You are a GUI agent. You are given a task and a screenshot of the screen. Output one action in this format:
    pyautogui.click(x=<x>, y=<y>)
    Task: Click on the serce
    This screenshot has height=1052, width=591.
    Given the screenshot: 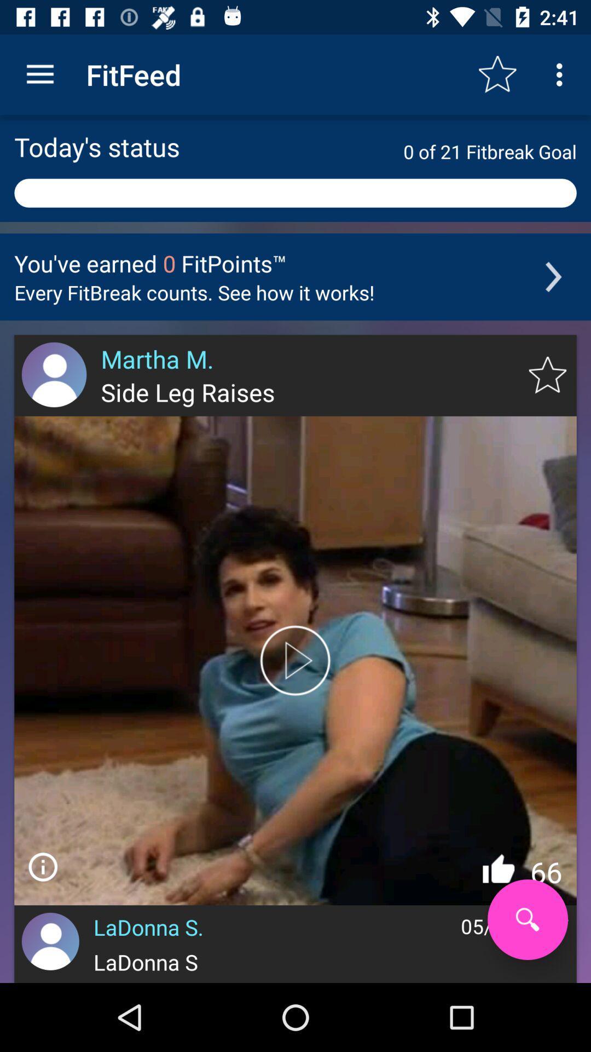 What is the action you would take?
    pyautogui.click(x=527, y=919)
    